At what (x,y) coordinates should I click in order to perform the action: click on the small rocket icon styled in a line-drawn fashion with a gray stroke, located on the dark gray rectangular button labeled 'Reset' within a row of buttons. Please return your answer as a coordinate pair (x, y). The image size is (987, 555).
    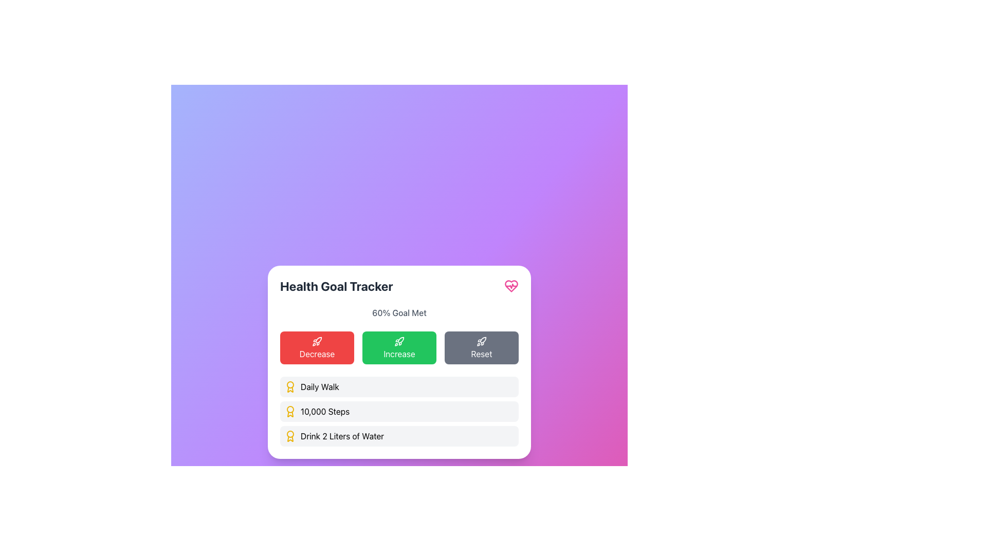
    Looking at the image, I should click on (481, 341).